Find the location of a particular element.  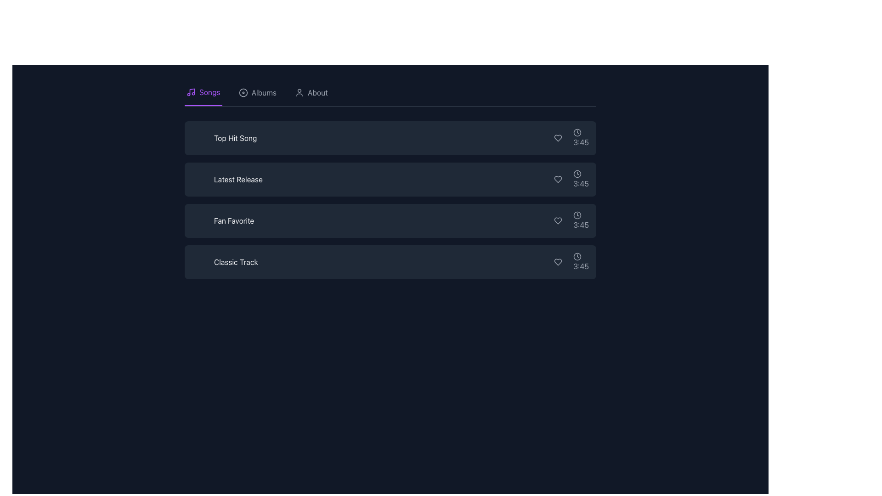

the heart-shaped icon button with a hollow outline, located to the left of the '3:45' timestamp, to interact with it via keyboard is located at coordinates (558, 262).